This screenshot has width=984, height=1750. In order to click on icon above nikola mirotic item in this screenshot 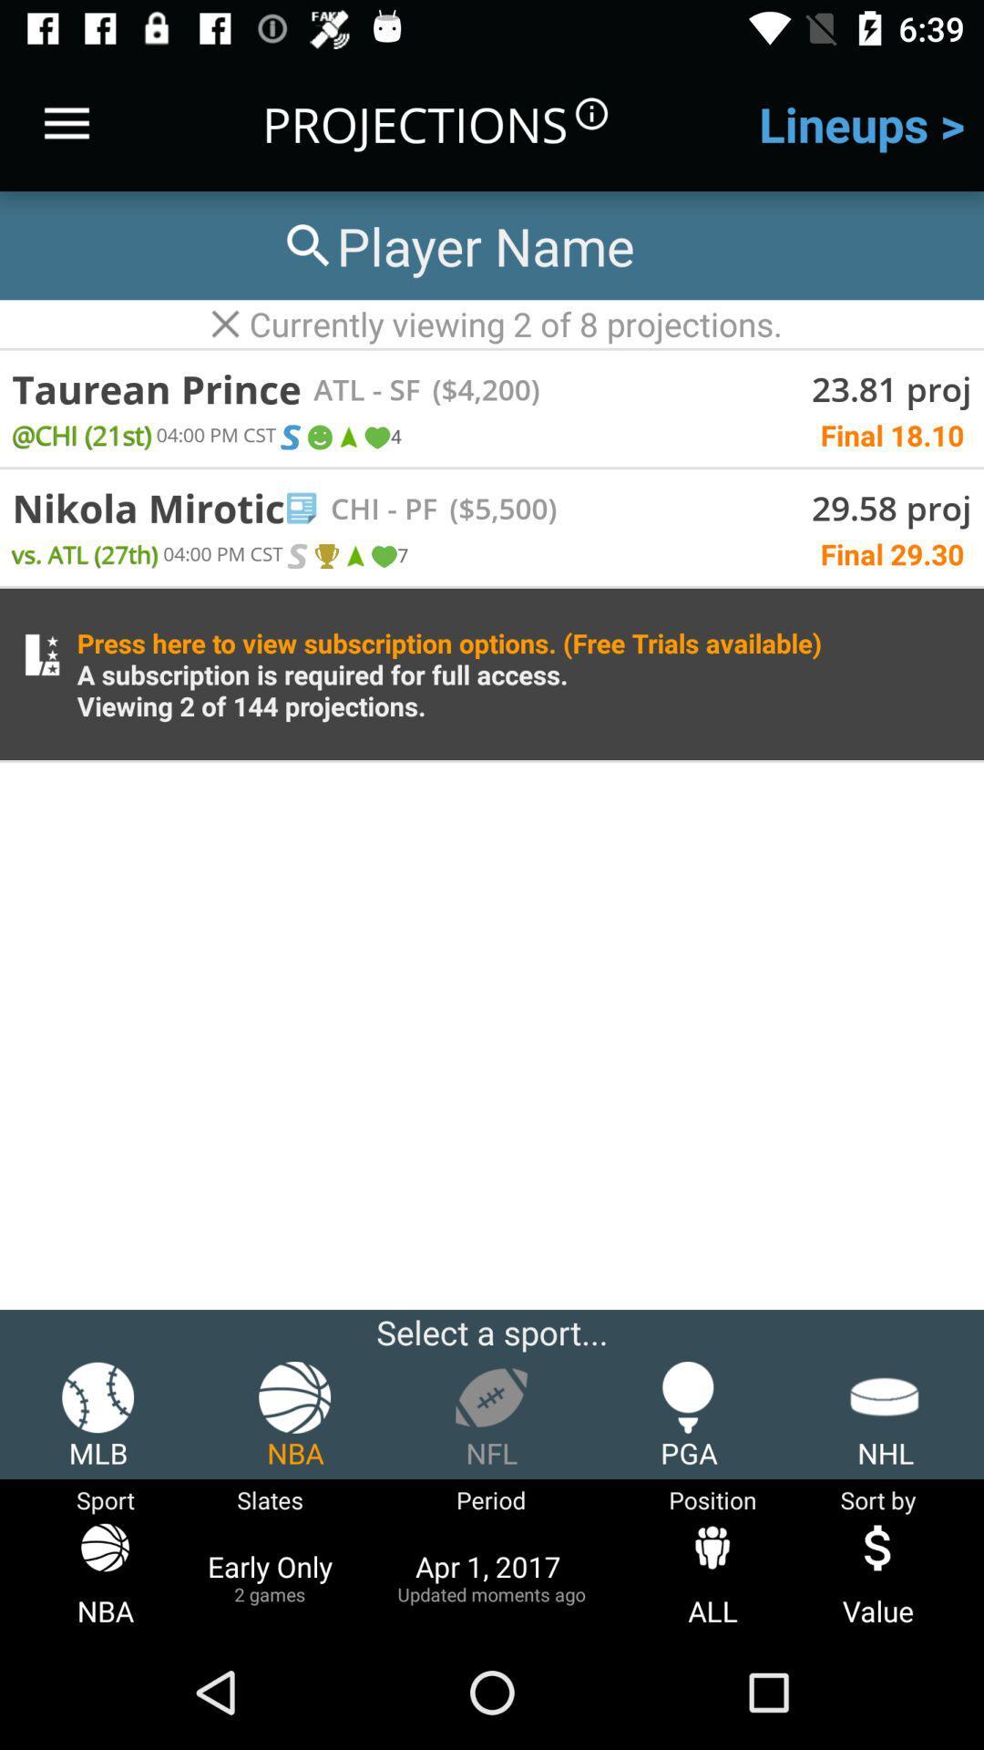, I will do `click(289, 437)`.